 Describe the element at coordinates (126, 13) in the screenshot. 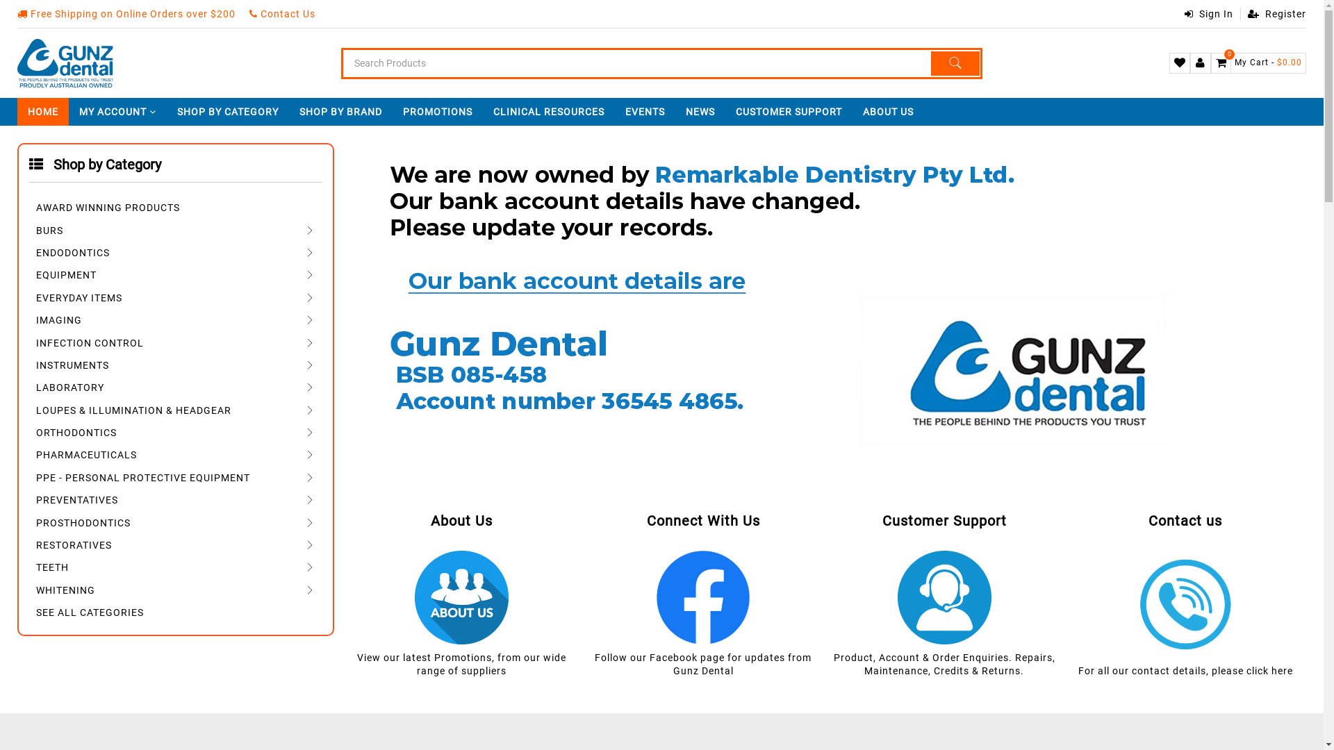

I see `'Free Shipping on Online Orders over $200'` at that location.